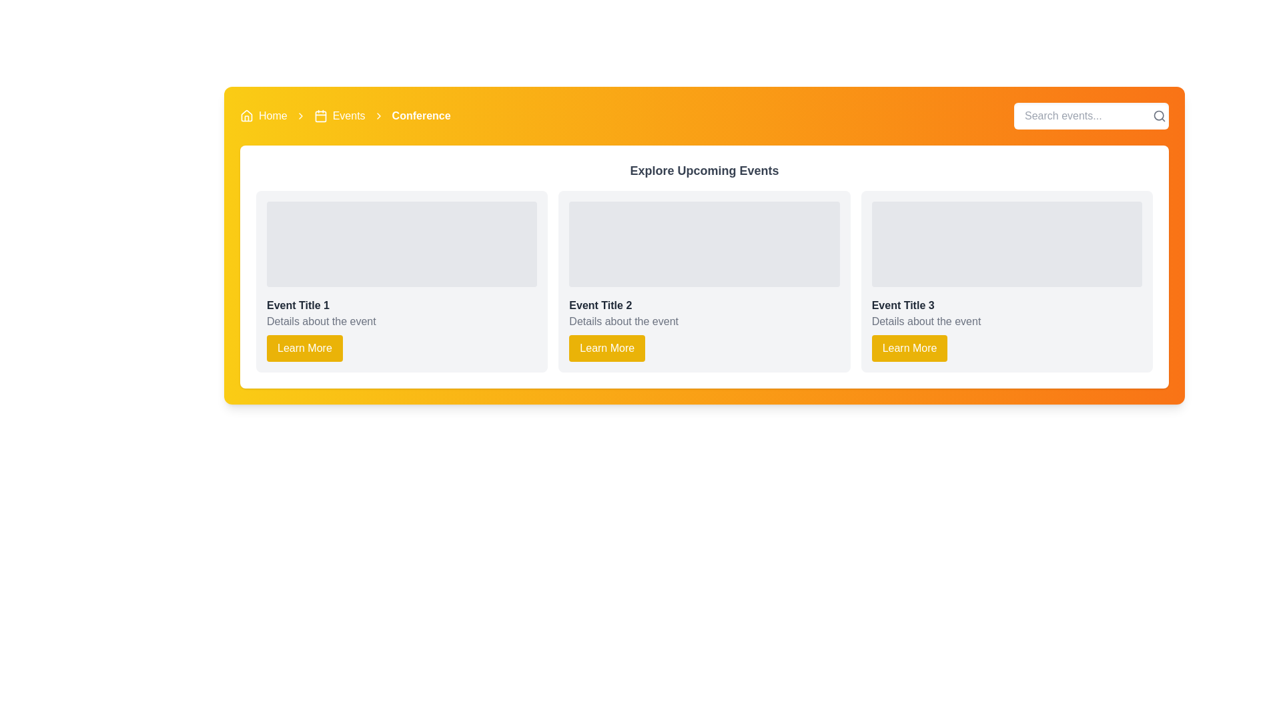 Image resolution: width=1281 pixels, height=721 pixels. What do you see at coordinates (1007, 280) in the screenshot?
I see `the event card on the rightmost position in the three-column grid layout` at bounding box center [1007, 280].